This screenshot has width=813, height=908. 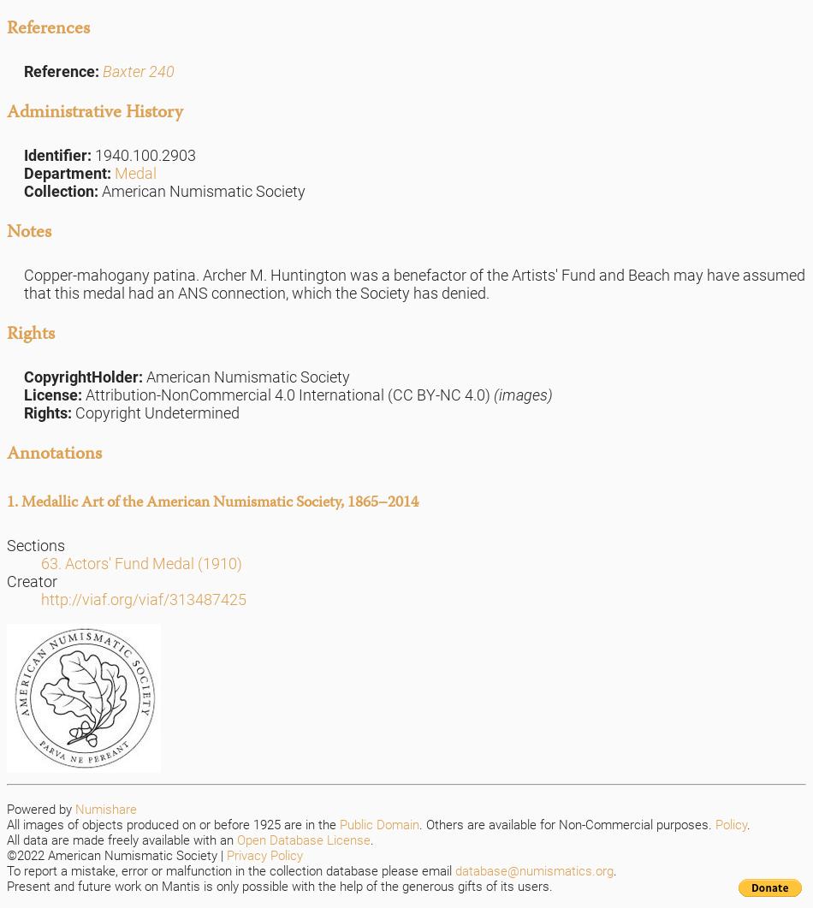 What do you see at coordinates (521, 395) in the screenshot?
I see `'(images)'` at bounding box center [521, 395].